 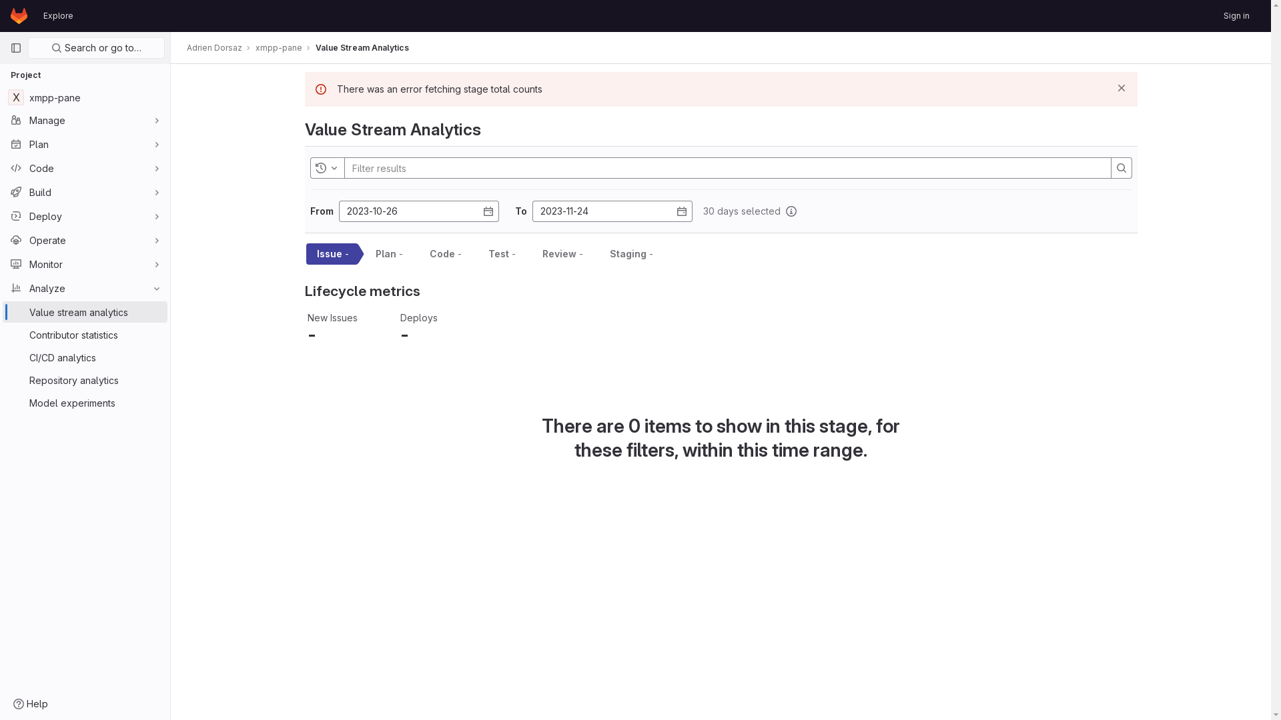 What do you see at coordinates (84, 357) in the screenshot?
I see `'CI/CD analytics'` at bounding box center [84, 357].